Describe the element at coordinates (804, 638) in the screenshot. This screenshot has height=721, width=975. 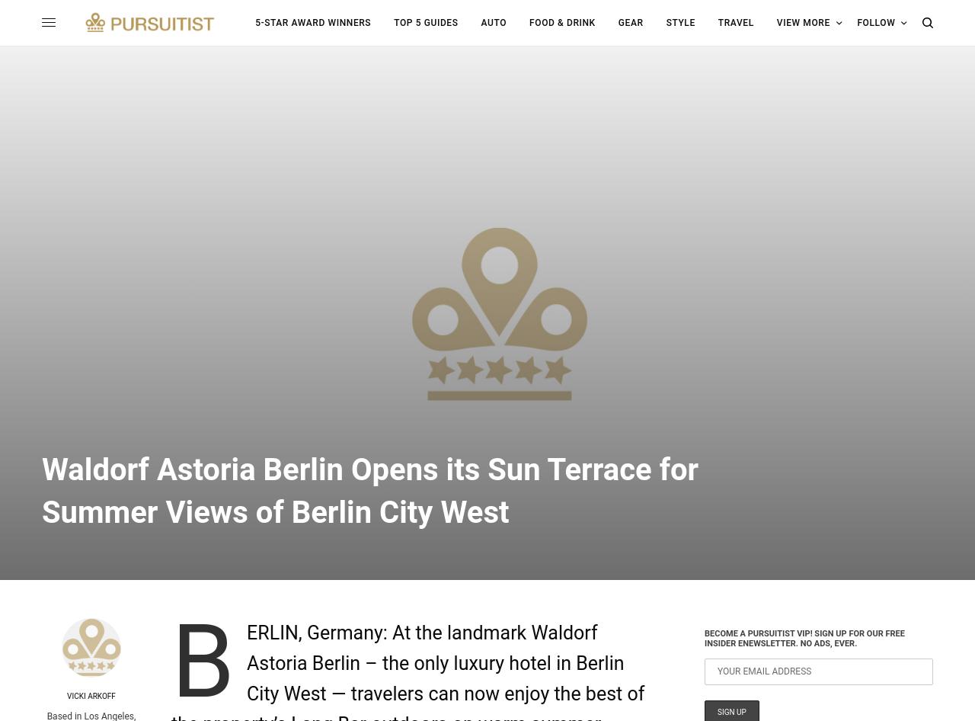
I see `'Become a Pursuitist VIP! Sign up for our Free Insider Enewsletter. No Ads, Ever.'` at that location.